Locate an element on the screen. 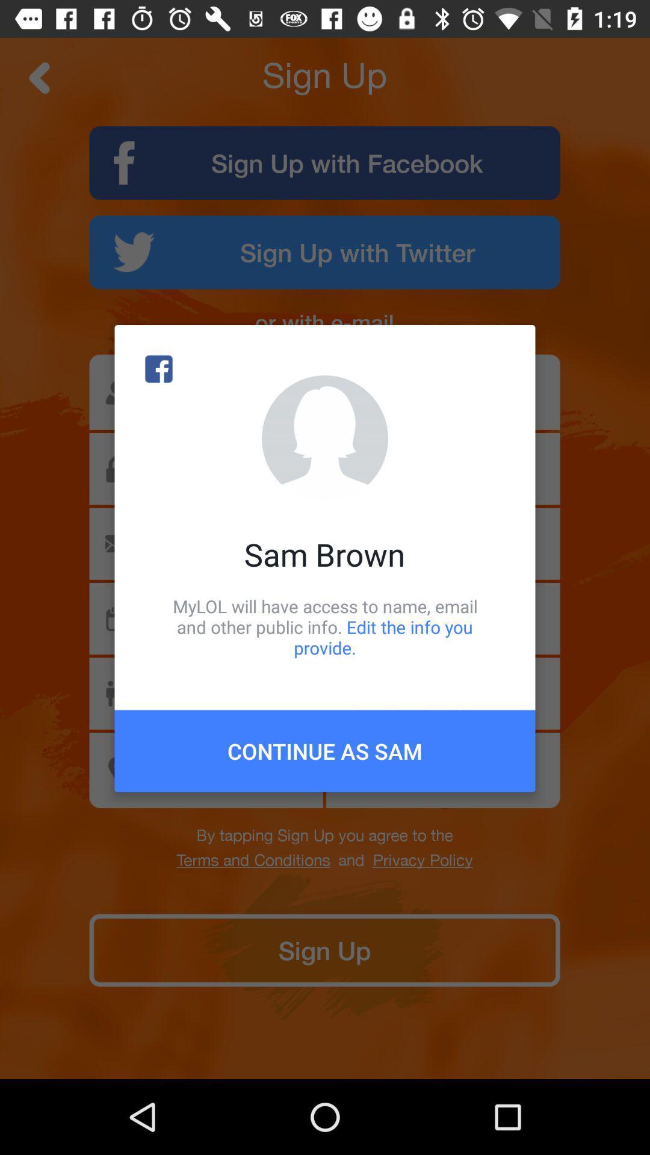 This screenshot has width=650, height=1155. the continue as sam item is located at coordinates (325, 750).